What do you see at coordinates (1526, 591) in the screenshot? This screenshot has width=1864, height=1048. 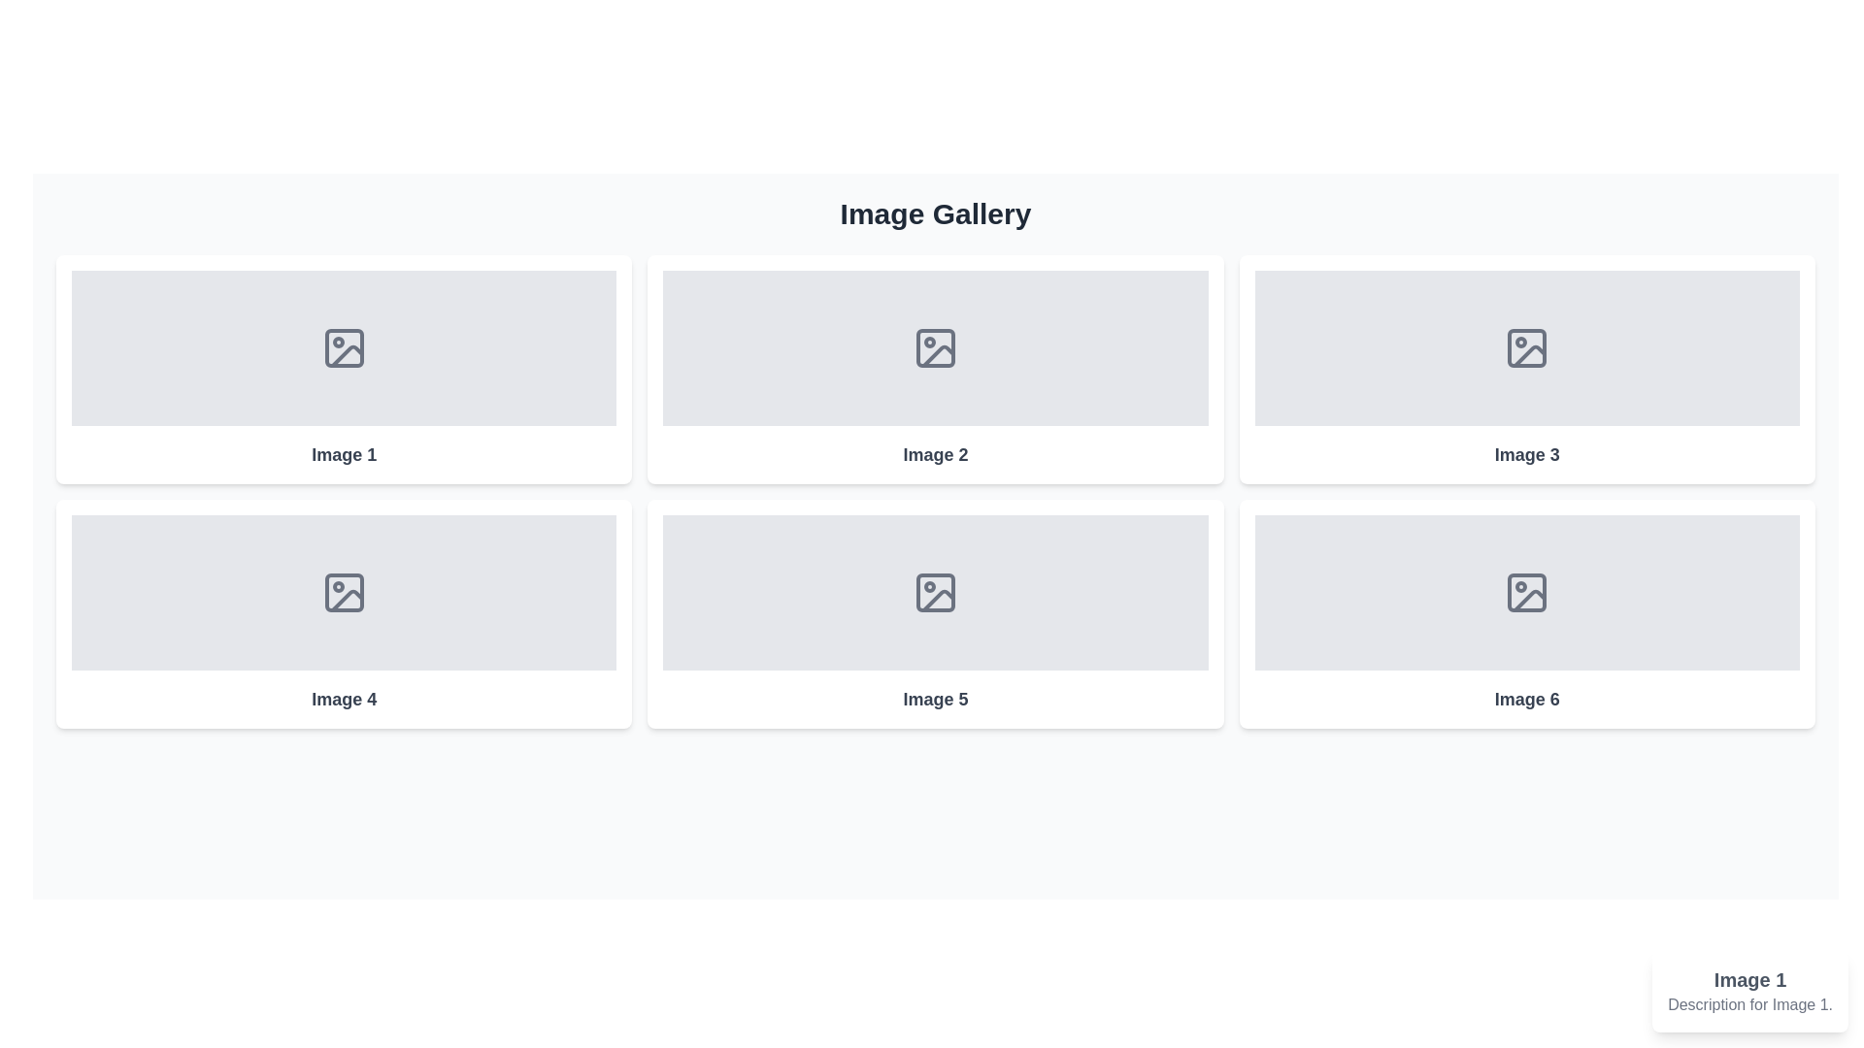 I see `the placeholder icon labeled 'Image 6' located in the bottom-right corner of the image grid` at bounding box center [1526, 591].